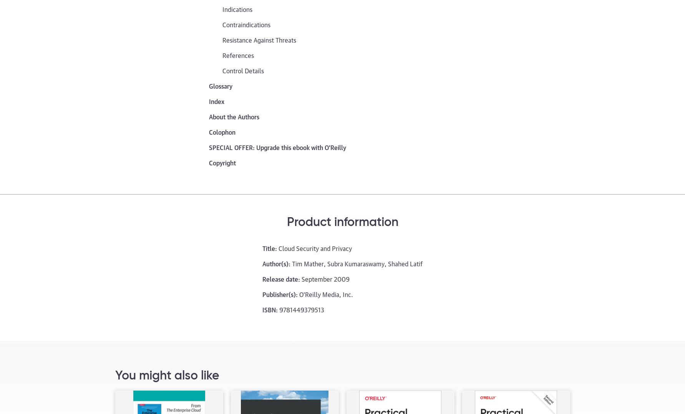 The width and height of the screenshot is (685, 414). I want to click on 'Glossary', so click(220, 85).